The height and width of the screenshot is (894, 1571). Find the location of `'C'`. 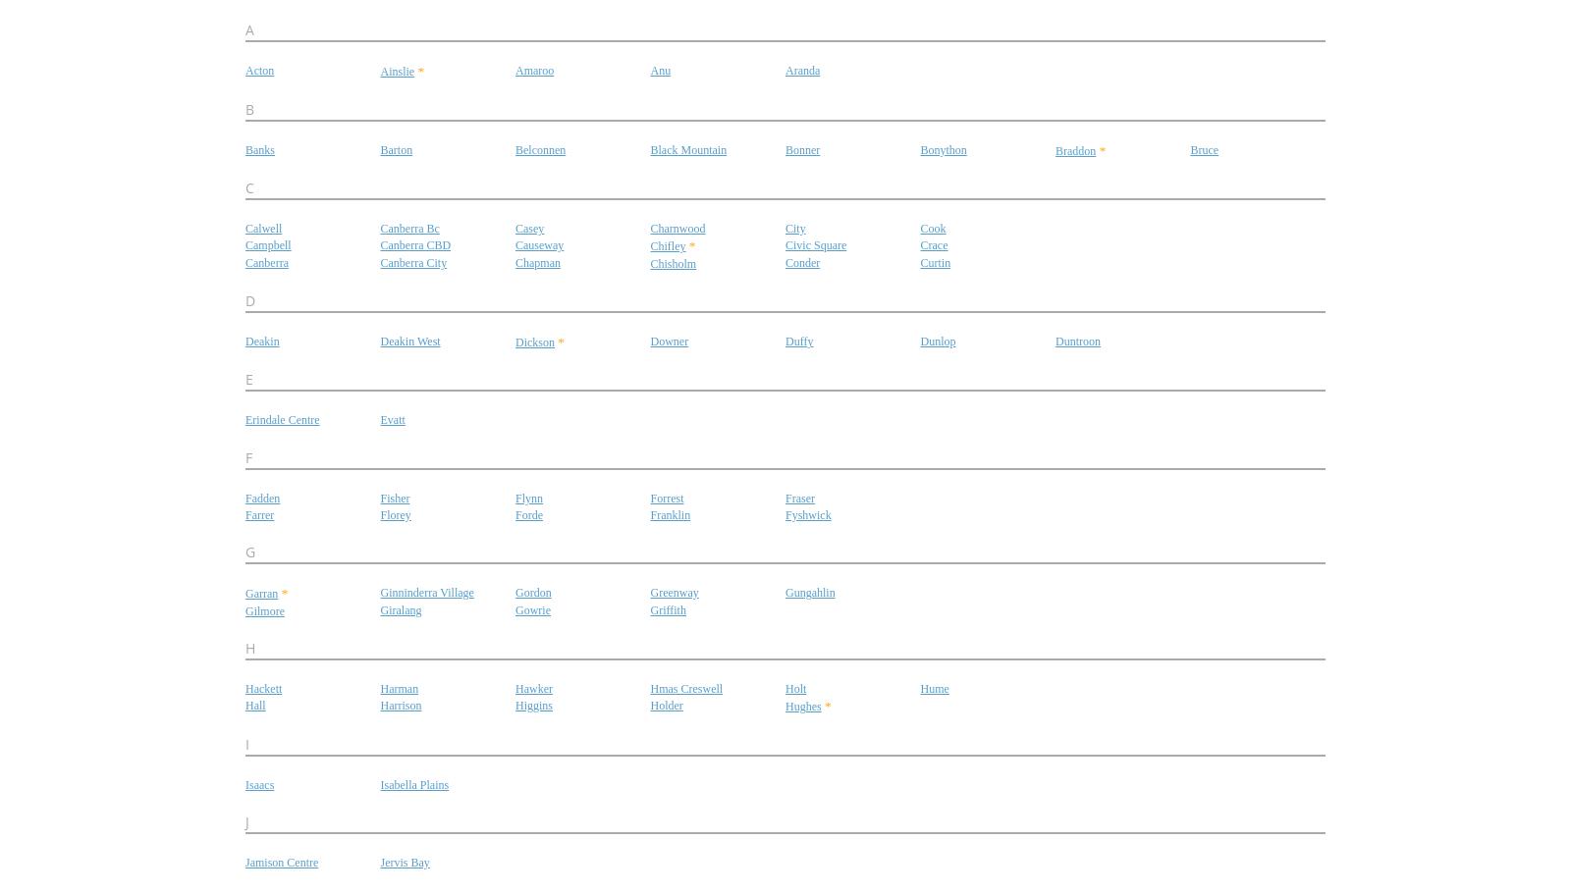

'C' is located at coordinates (249, 185).